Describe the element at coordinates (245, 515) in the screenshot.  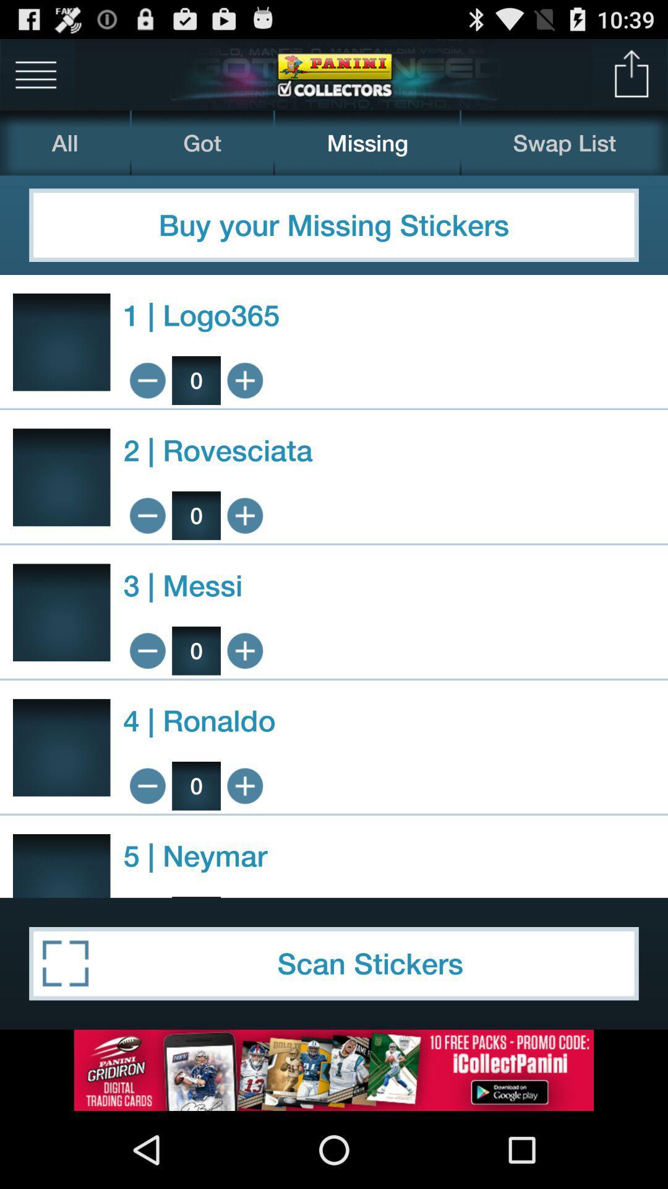
I see `to cart` at that location.